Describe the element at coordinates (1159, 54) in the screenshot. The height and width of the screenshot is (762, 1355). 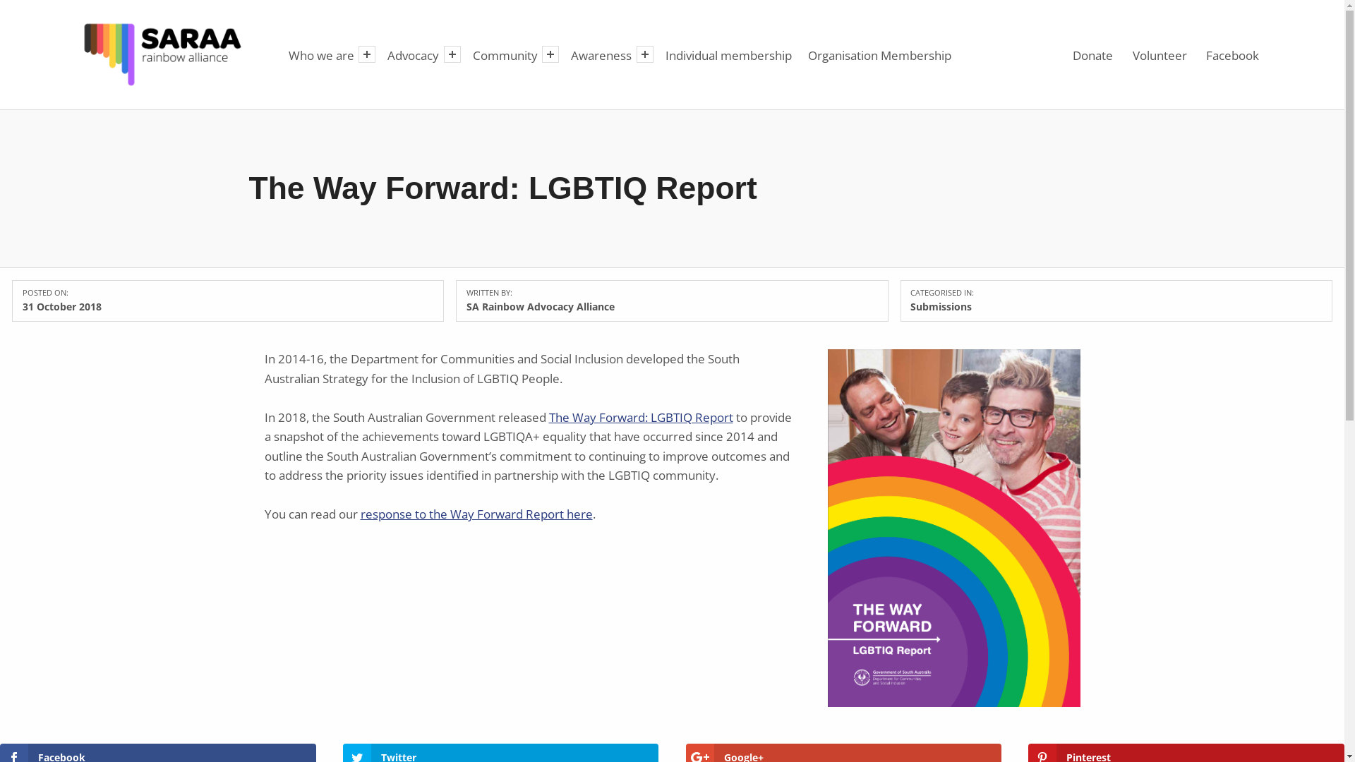
I see `'Volunteer'` at that location.